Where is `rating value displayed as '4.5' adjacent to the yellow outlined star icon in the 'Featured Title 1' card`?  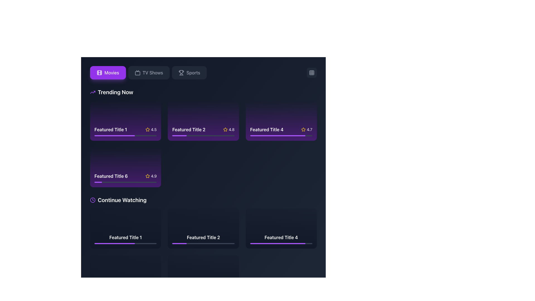 rating value displayed as '4.5' adjacent to the yellow outlined star icon in the 'Featured Title 1' card is located at coordinates (151, 129).